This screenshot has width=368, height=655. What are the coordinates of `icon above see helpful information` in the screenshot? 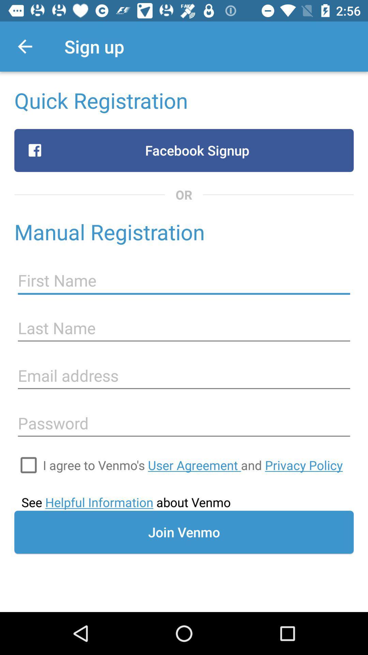 It's located at (28, 465).